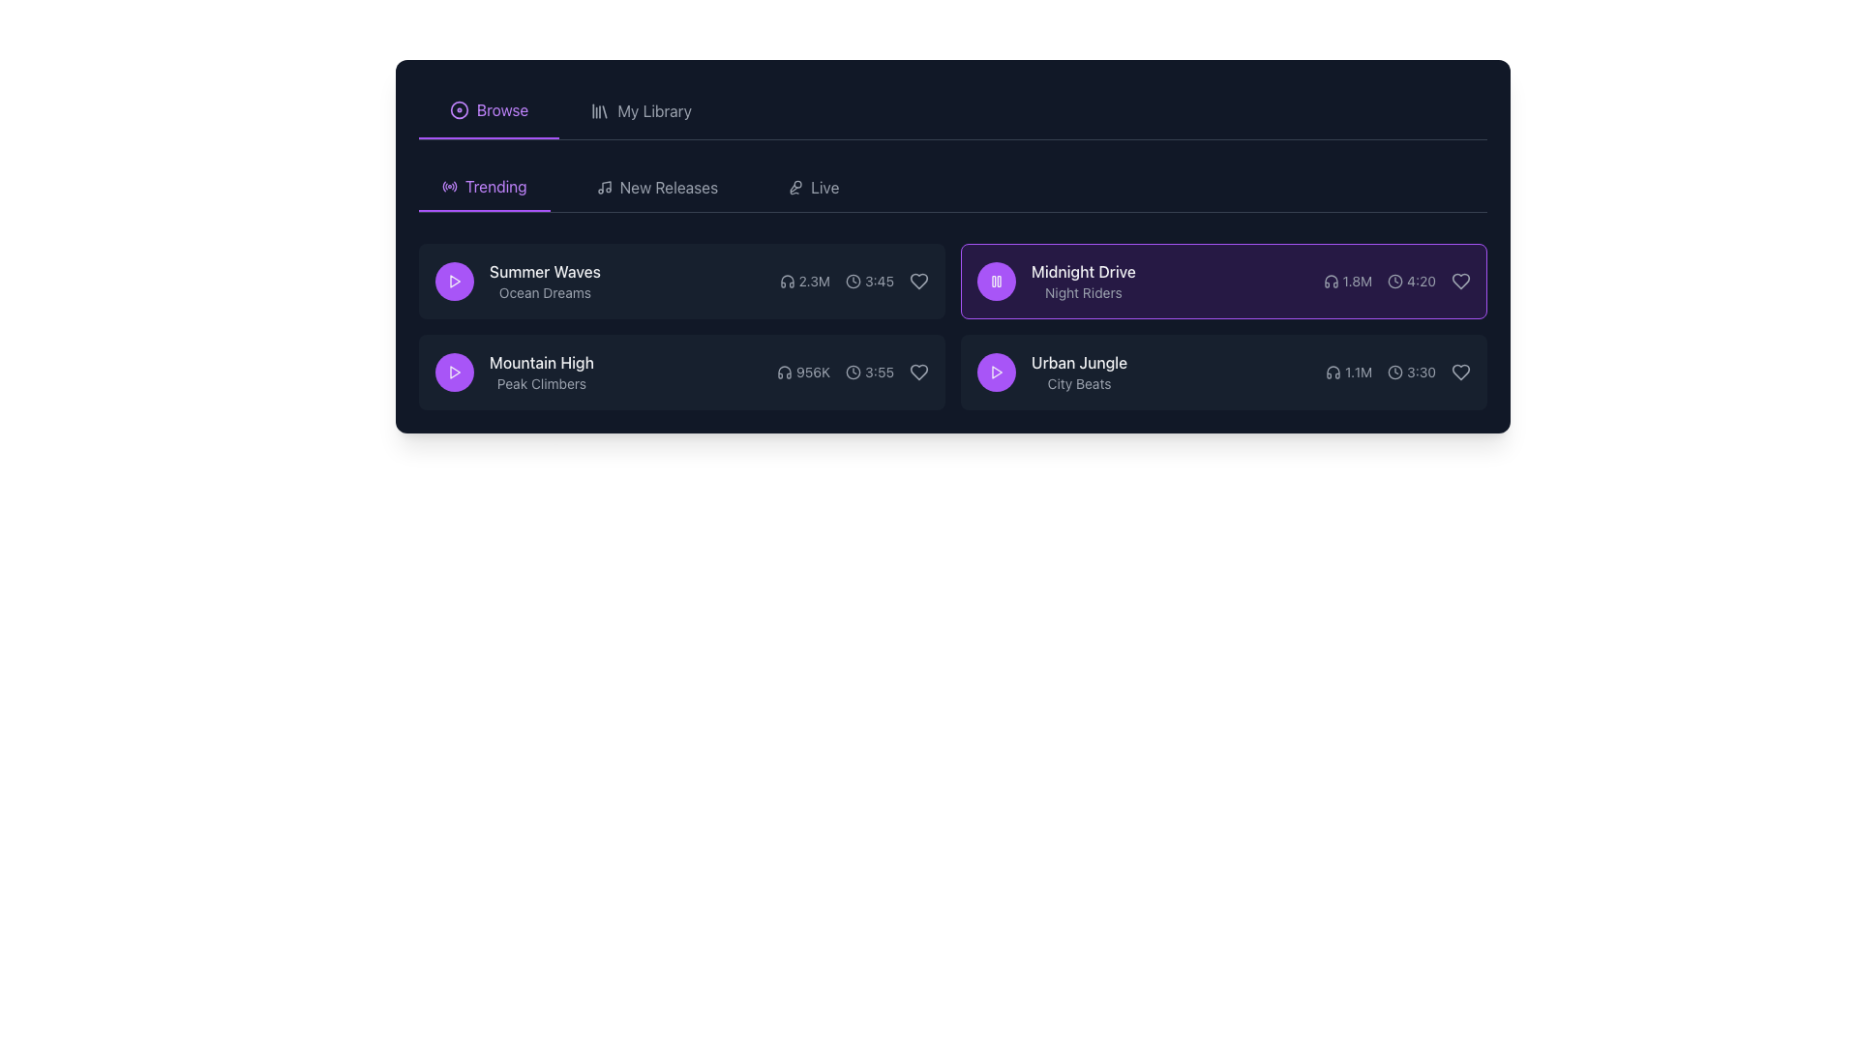  What do you see at coordinates (454, 373) in the screenshot?
I see `the circular button with a filled purple background and a triangular play icon, which is the first element in the horizontal flexbox layout next to the text 'Mountain High Peak Peak Climbers', to observe the style change` at bounding box center [454, 373].